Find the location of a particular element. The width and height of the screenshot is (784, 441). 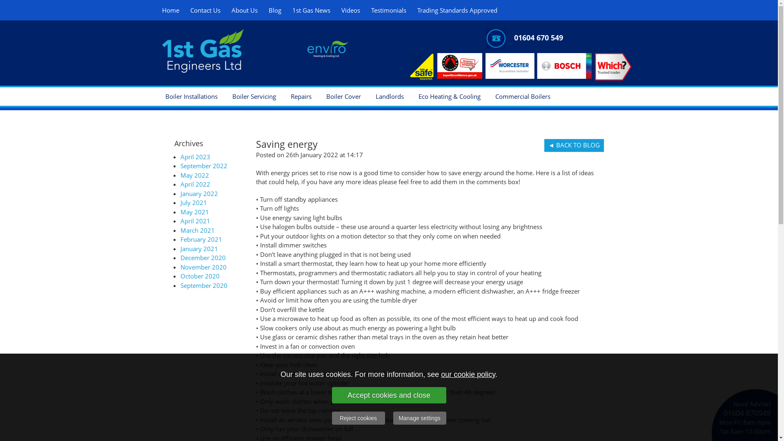

'January 2021' is located at coordinates (199, 248).